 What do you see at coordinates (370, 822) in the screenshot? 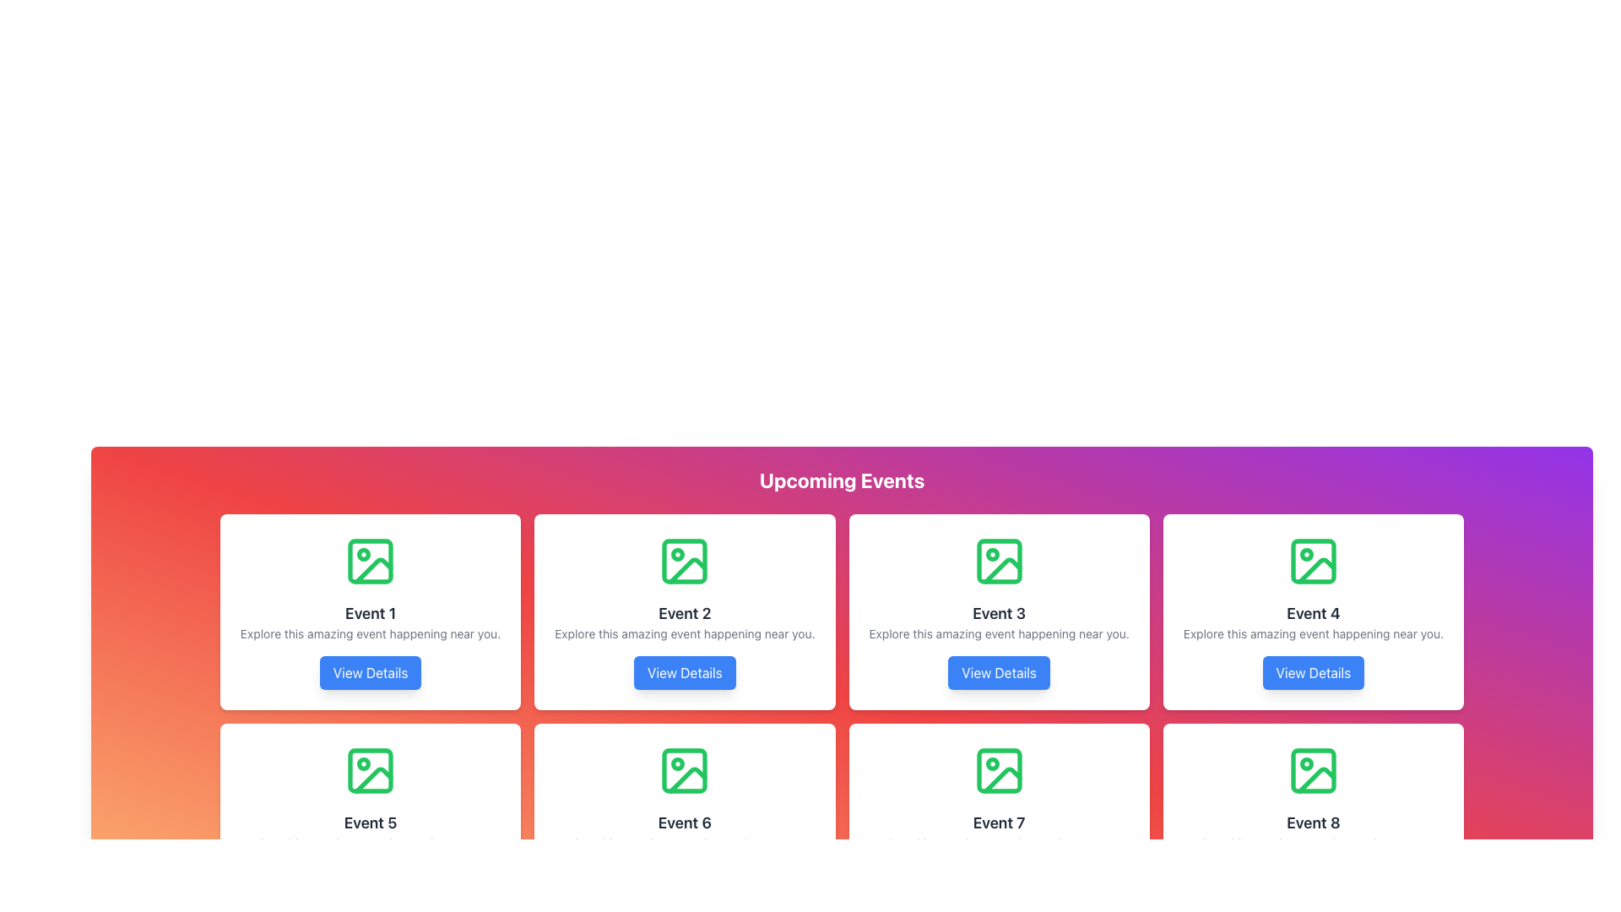
I see `the 'Event 5' text label to focus on this element, which is situated within a card layout below an icon and above a description text and a button in the second row, first column of a grid layout` at bounding box center [370, 822].